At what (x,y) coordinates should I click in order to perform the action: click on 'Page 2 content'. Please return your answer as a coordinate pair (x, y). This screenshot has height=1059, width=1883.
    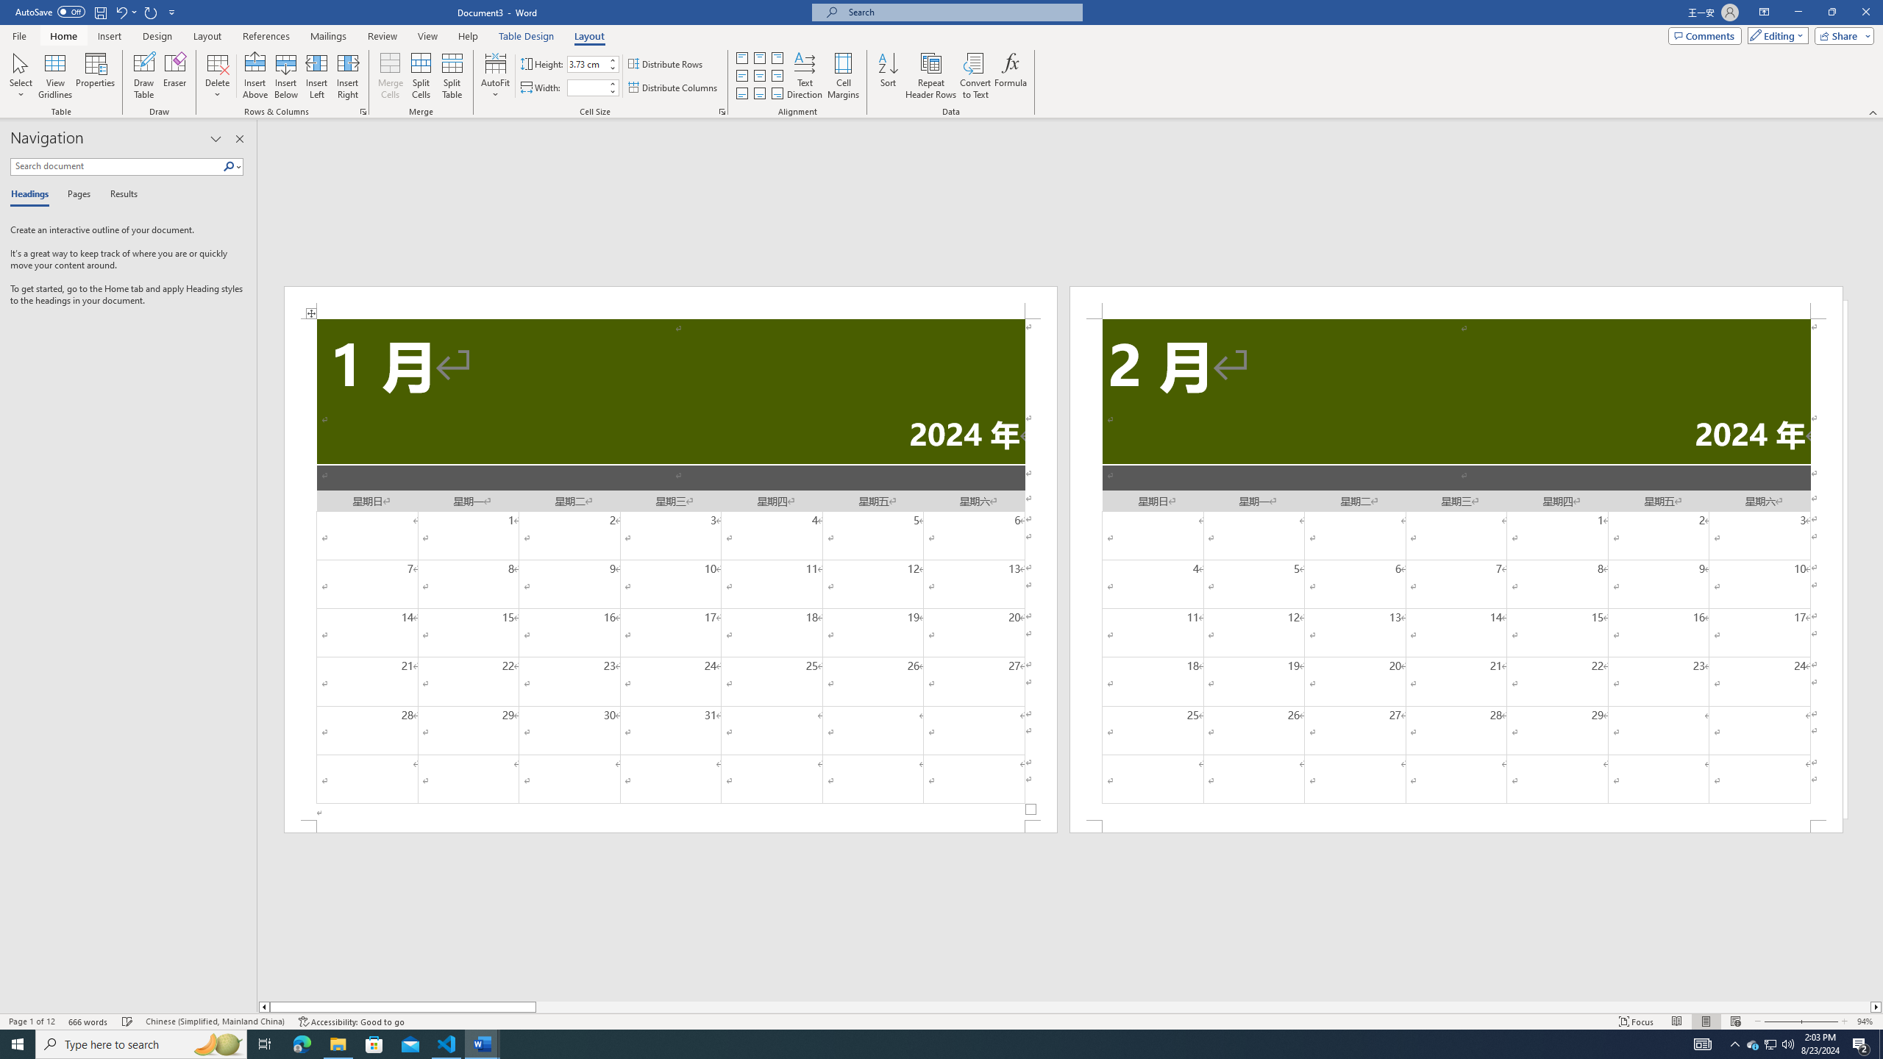
    Looking at the image, I should click on (1456, 568).